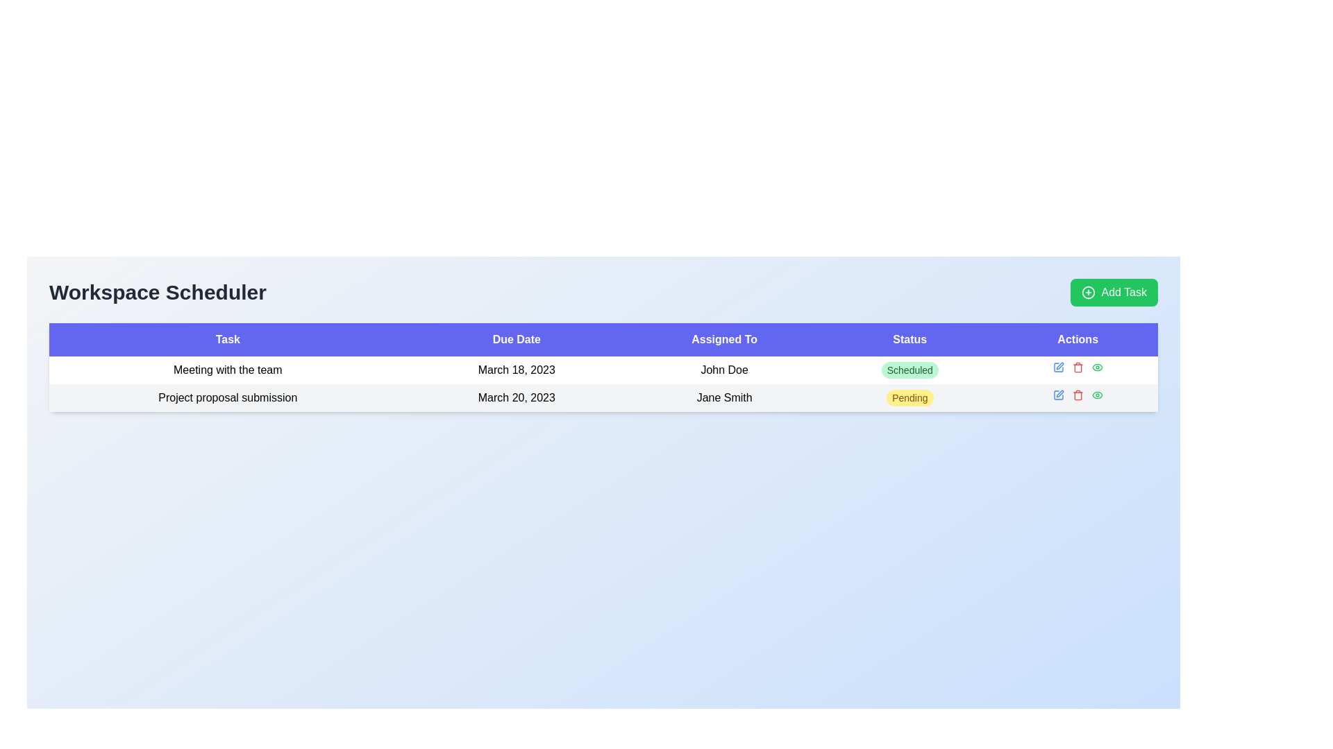 The width and height of the screenshot is (1333, 749). What do you see at coordinates (1077, 395) in the screenshot?
I see `the delete button for the task 'Project proposal submission' located in the 'Actions' column of the second row under the 'Workspace Scheduler' section` at bounding box center [1077, 395].